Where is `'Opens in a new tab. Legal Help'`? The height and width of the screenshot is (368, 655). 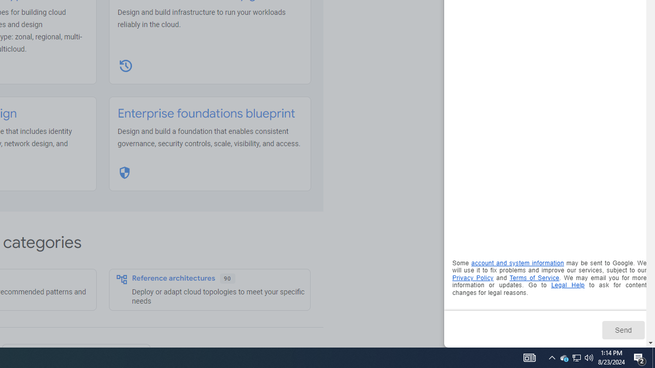
'Opens in a new tab. Legal Help' is located at coordinates (567, 285).